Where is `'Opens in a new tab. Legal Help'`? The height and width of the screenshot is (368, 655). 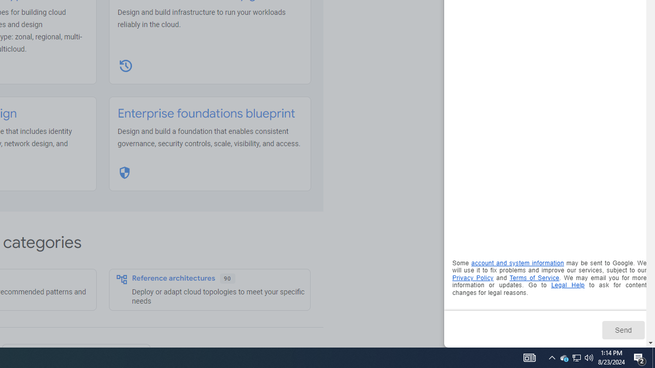
'Opens in a new tab. Legal Help' is located at coordinates (567, 285).